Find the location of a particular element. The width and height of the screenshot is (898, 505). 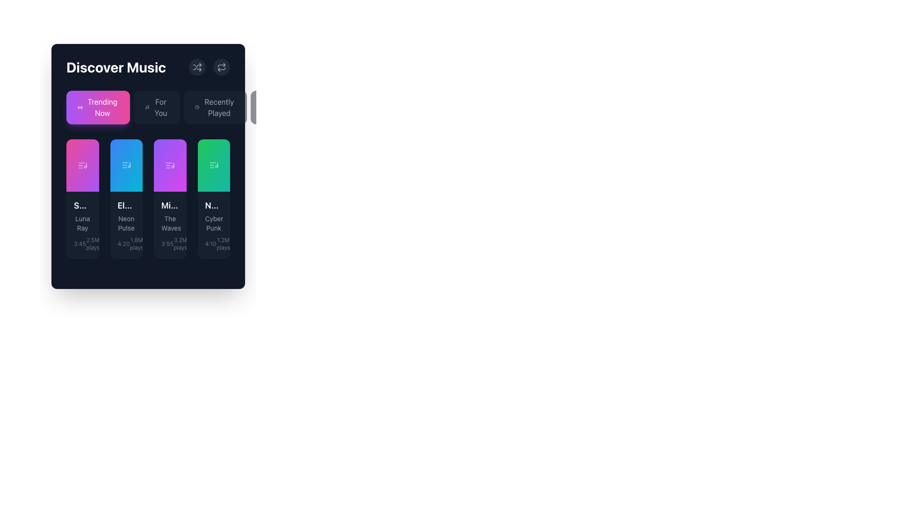

the first button in the horizontal group on the top left of the 'Discover Music' card is located at coordinates (98, 107).